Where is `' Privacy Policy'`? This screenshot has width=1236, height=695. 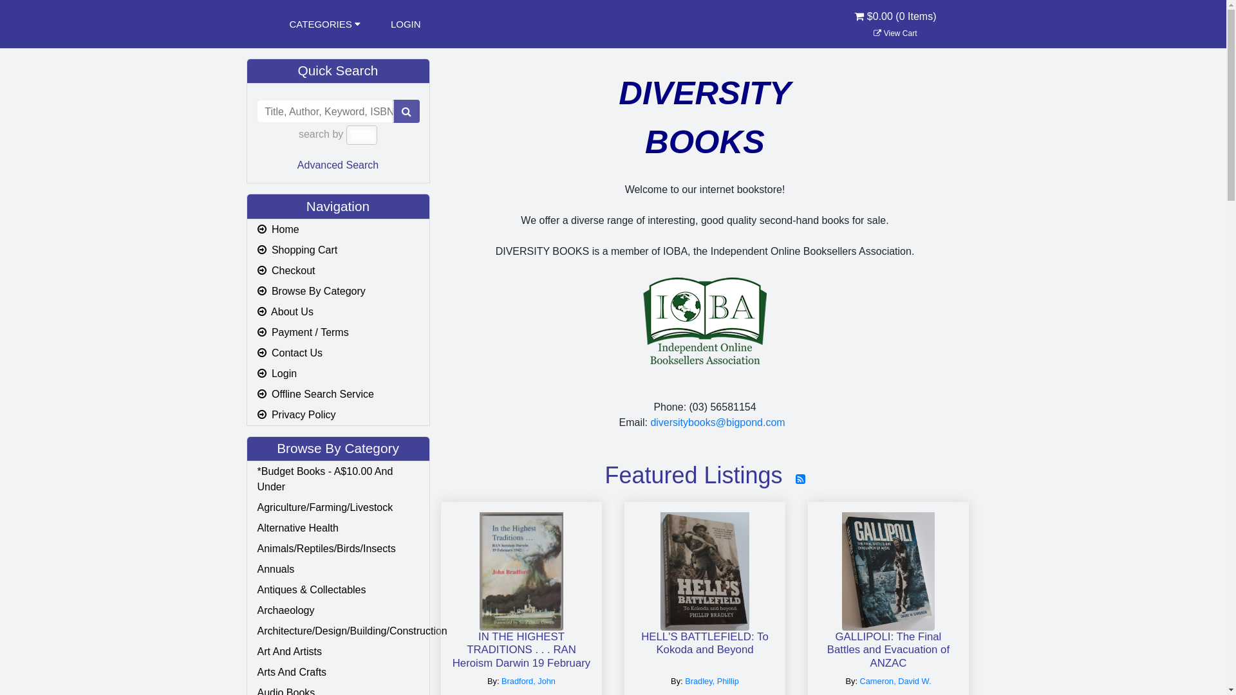
' Privacy Policy' is located at coordinates (338, 414).